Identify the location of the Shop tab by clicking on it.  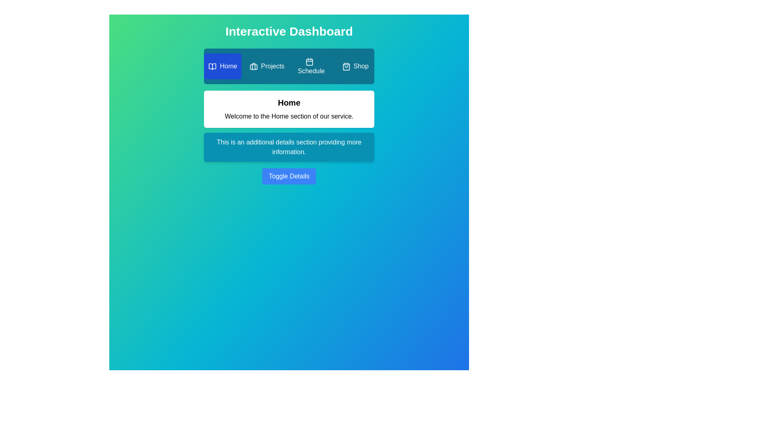
(355, 66).